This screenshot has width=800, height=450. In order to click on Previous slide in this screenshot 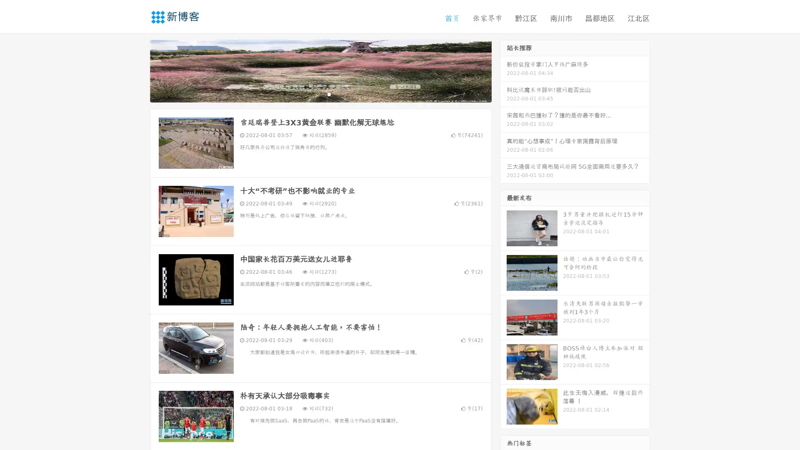, I will do `click(137, 70)`.